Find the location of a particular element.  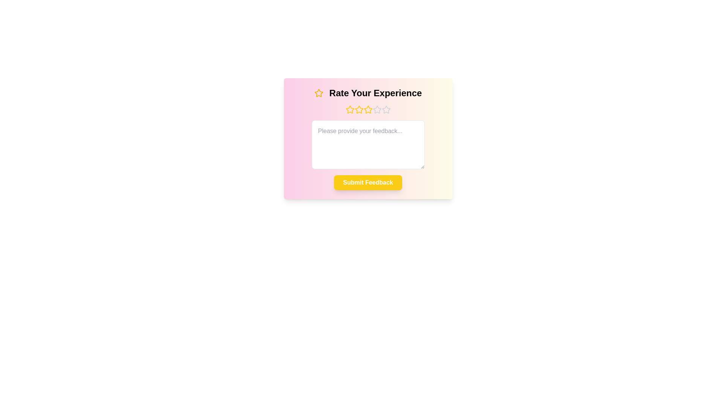

the rating to 1 stars by clicking on the corresponding star is located at coordinates (349, 110).